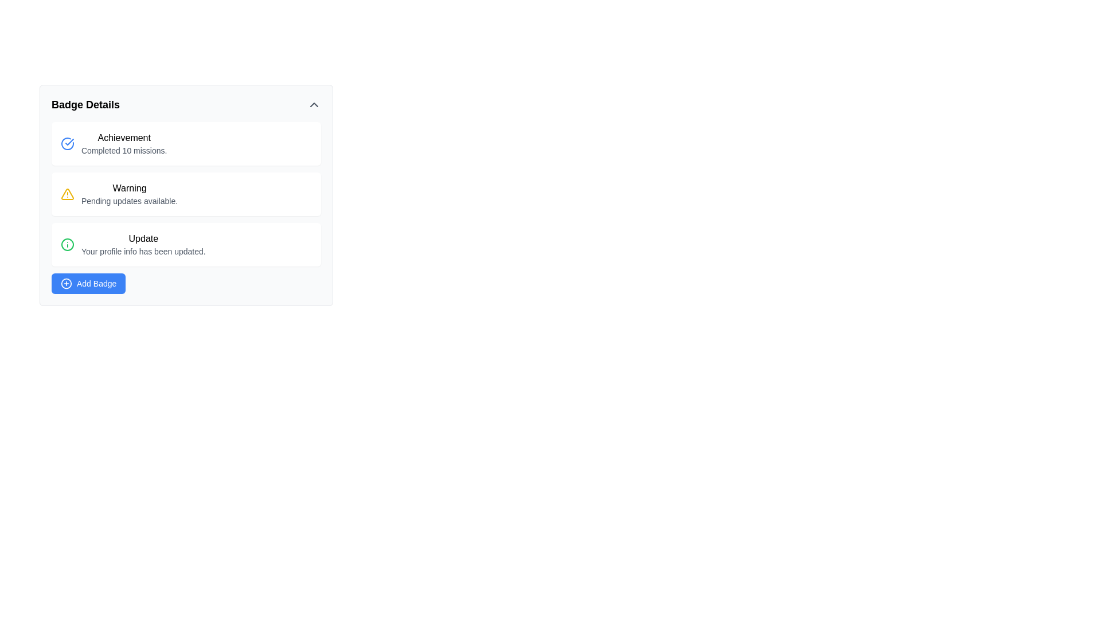 Image resolution: width=1101 pixels, height=619 pixels. Describe the element at coordinates (186, 194) in the screenshot. I see `the warning details on the second informational card in the 'Badge Details' panel, which contains a yellow warning triangle icon and text stating 'Warning' and 'Pending updates available.'` at that location.